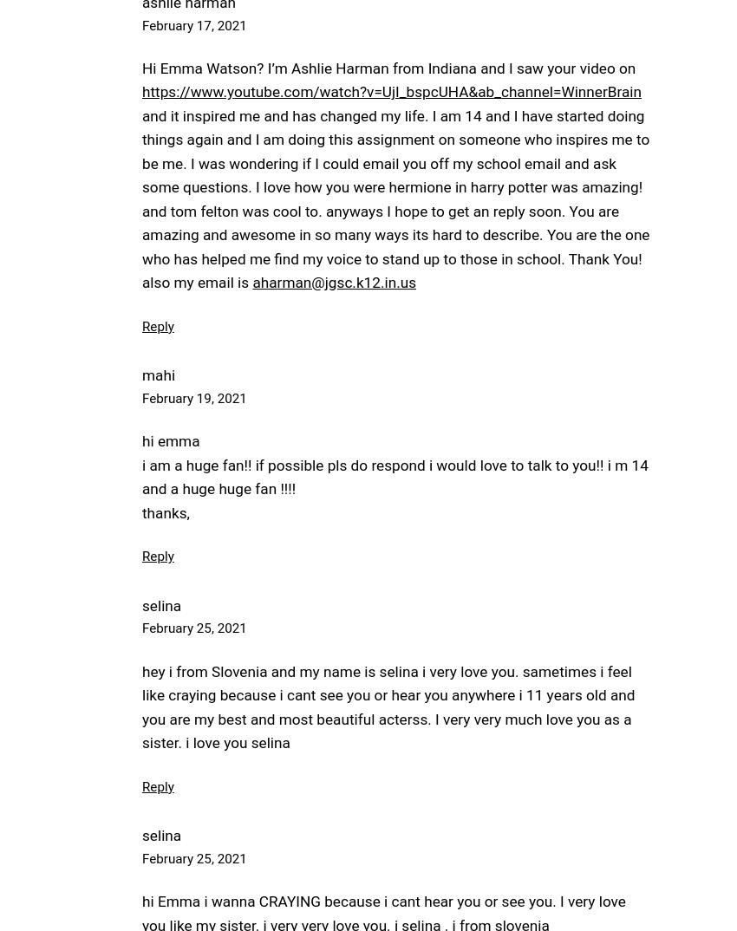  What do you see at coordinates (164, 511) in the screenshot?
I see `'thanks,'` at bounding box center [164, 511].